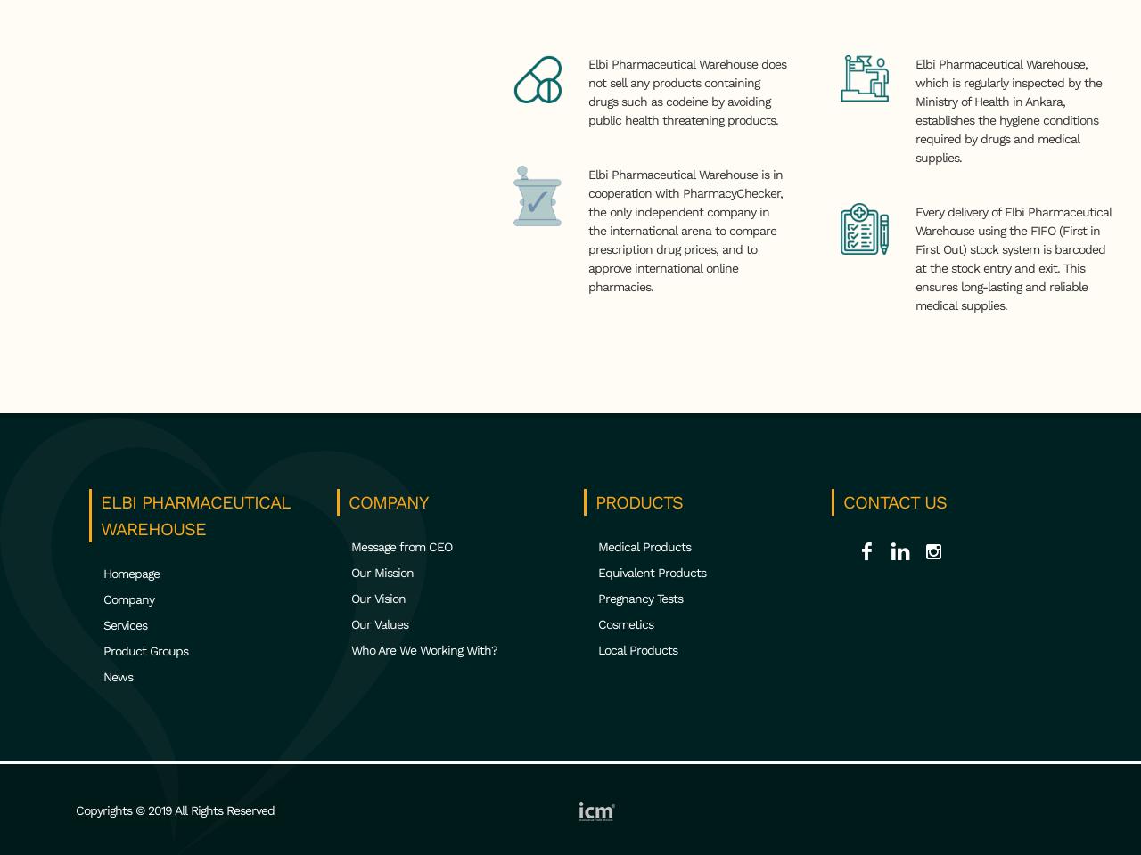 The image size is (1141, 855). What do you see at coordinates (637, 648) in the screenshot?
I see `'Local Products'` at bounding box center [637, 648].